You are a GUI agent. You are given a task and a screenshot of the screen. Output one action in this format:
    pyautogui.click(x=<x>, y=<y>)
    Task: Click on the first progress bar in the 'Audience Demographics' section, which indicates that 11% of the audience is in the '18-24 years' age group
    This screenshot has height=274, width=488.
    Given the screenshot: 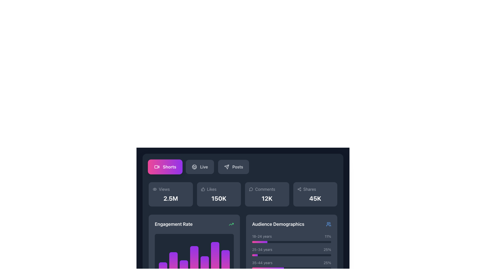 What is the action you would take?
    pyautogui.click(x=292, y=242)
    